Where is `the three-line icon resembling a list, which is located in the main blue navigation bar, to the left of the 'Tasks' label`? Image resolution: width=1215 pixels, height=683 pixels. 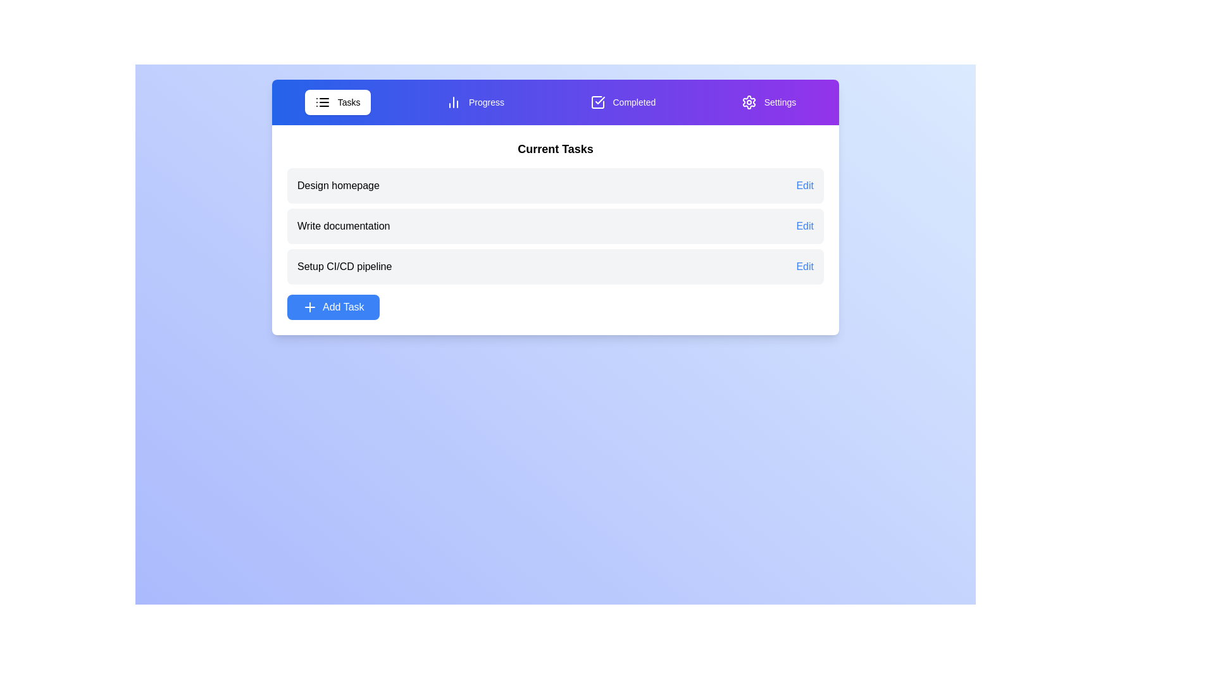 the three-line icon resembling a list, which is located in the main blue navigation bar, to the left of the 'Tasks' label is located at coordinates (322, 102).